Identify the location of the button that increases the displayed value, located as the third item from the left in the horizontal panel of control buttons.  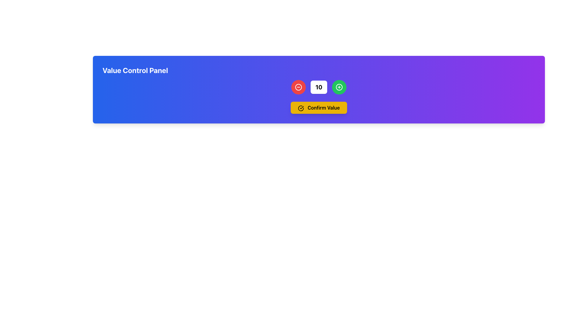
(339, 87).